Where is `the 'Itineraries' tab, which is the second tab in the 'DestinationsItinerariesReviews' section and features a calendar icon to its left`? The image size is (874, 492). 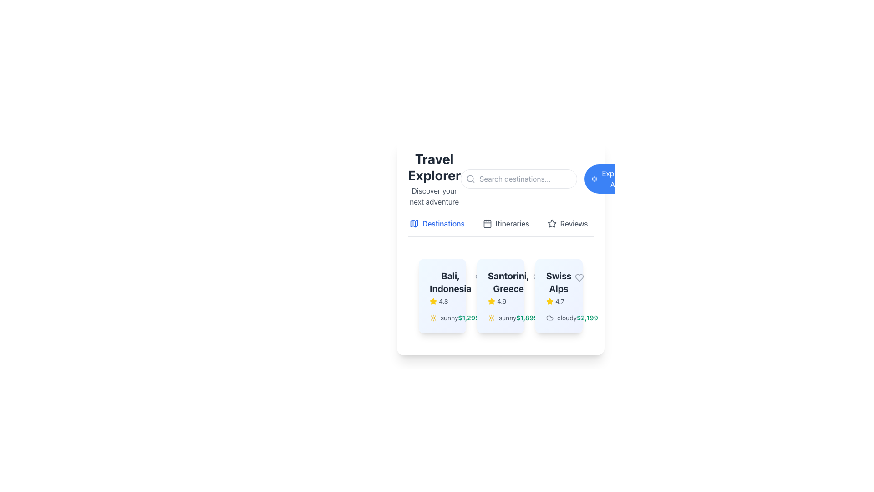 the 'Itineraries' tab, which is the second tab in the 'DestinationsItinerariesReviews' section and features a calendar icon to its left is located at coordinates (500, 227).